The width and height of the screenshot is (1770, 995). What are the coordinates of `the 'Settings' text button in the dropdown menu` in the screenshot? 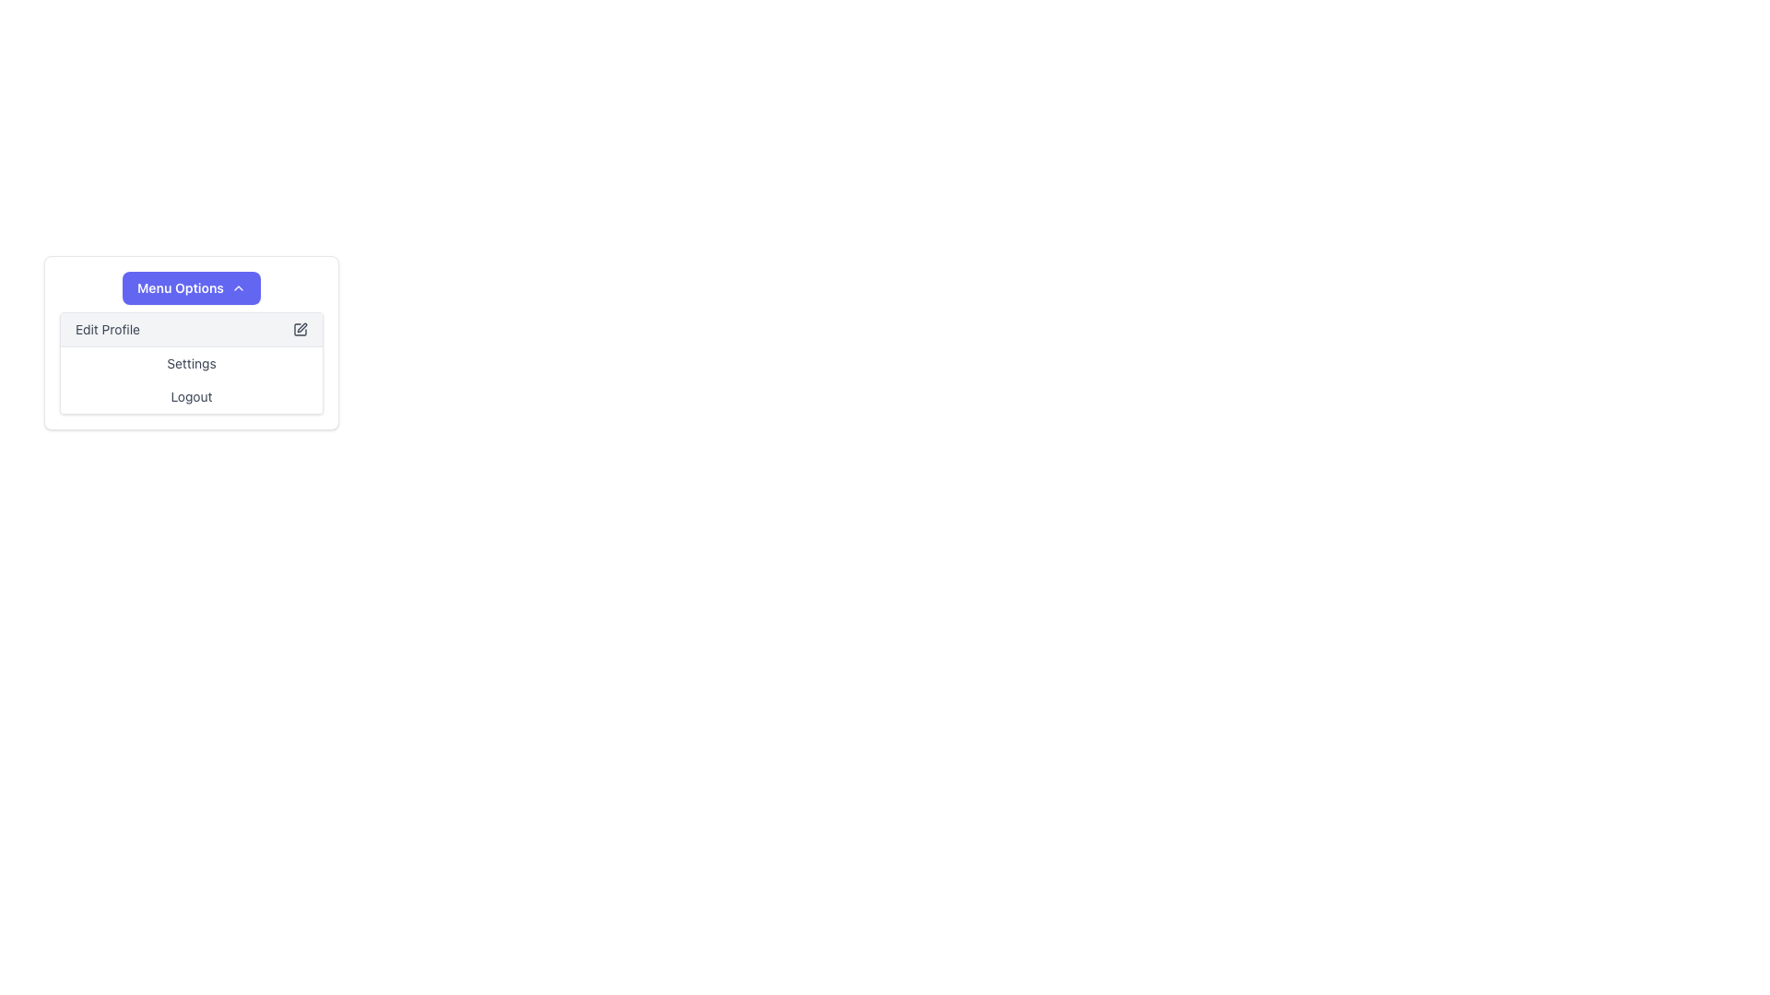 It's located at (191, 363).